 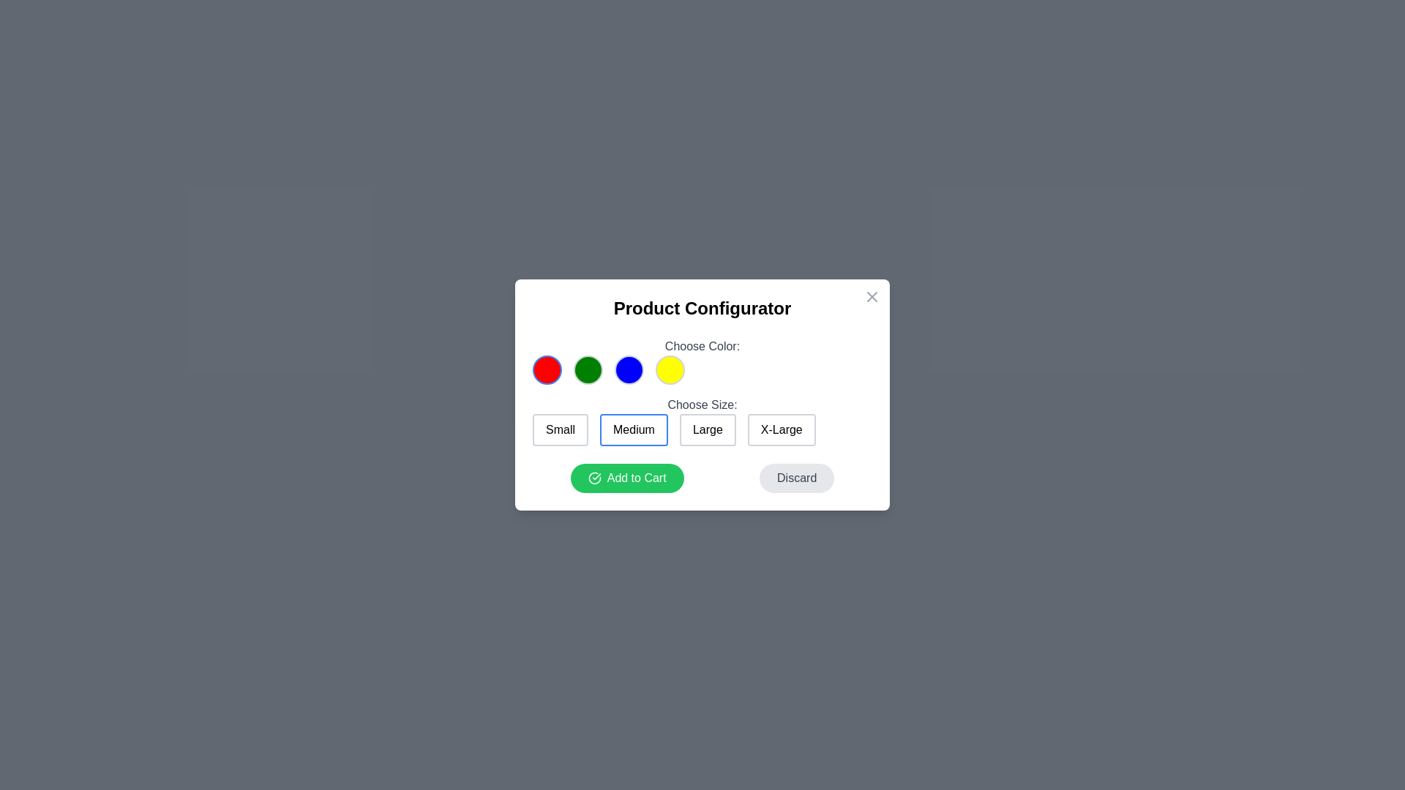 What do you see at coordinates (702, 421) in the screenshot?
I see `the 'Large' button, which is the third button under the 'Choose Size:' heading in the modal dialog` at bounding box center [702, 421].